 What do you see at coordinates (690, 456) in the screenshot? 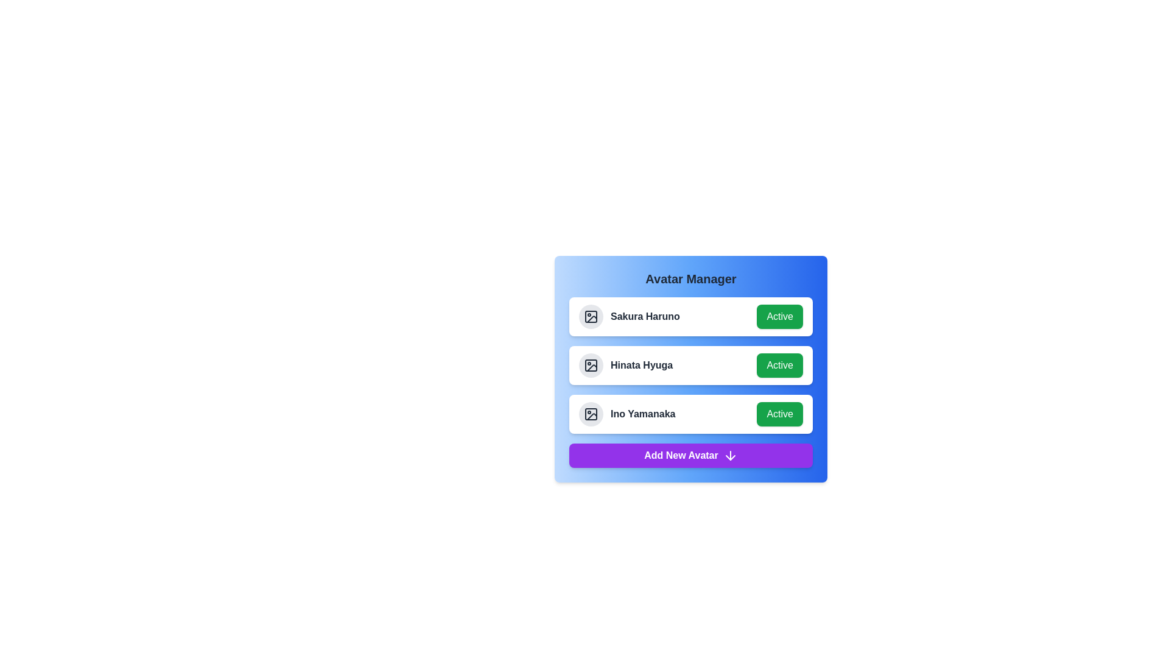
I see `the 'Add New Avatar' button, which is a bright purple rectangular button located at the bottom of the Avatar Manager panel` at bounding box center [690, 456].